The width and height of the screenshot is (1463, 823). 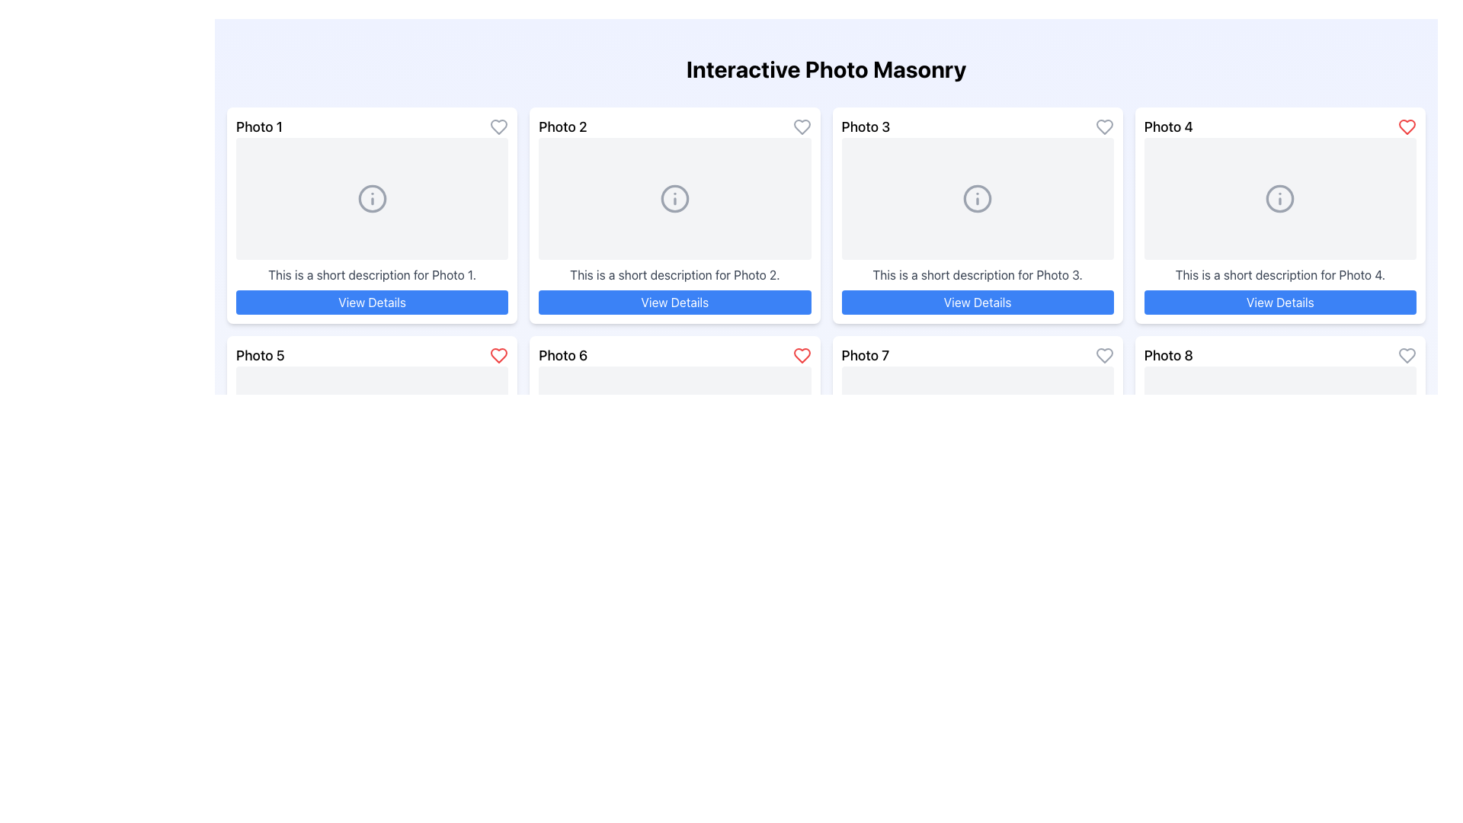 What do you see at coordinates (372, 303) in the screenshot?
I see `the button labeled 'View Details' associated with 'Photo 1'` at bounding box center [372, 303].